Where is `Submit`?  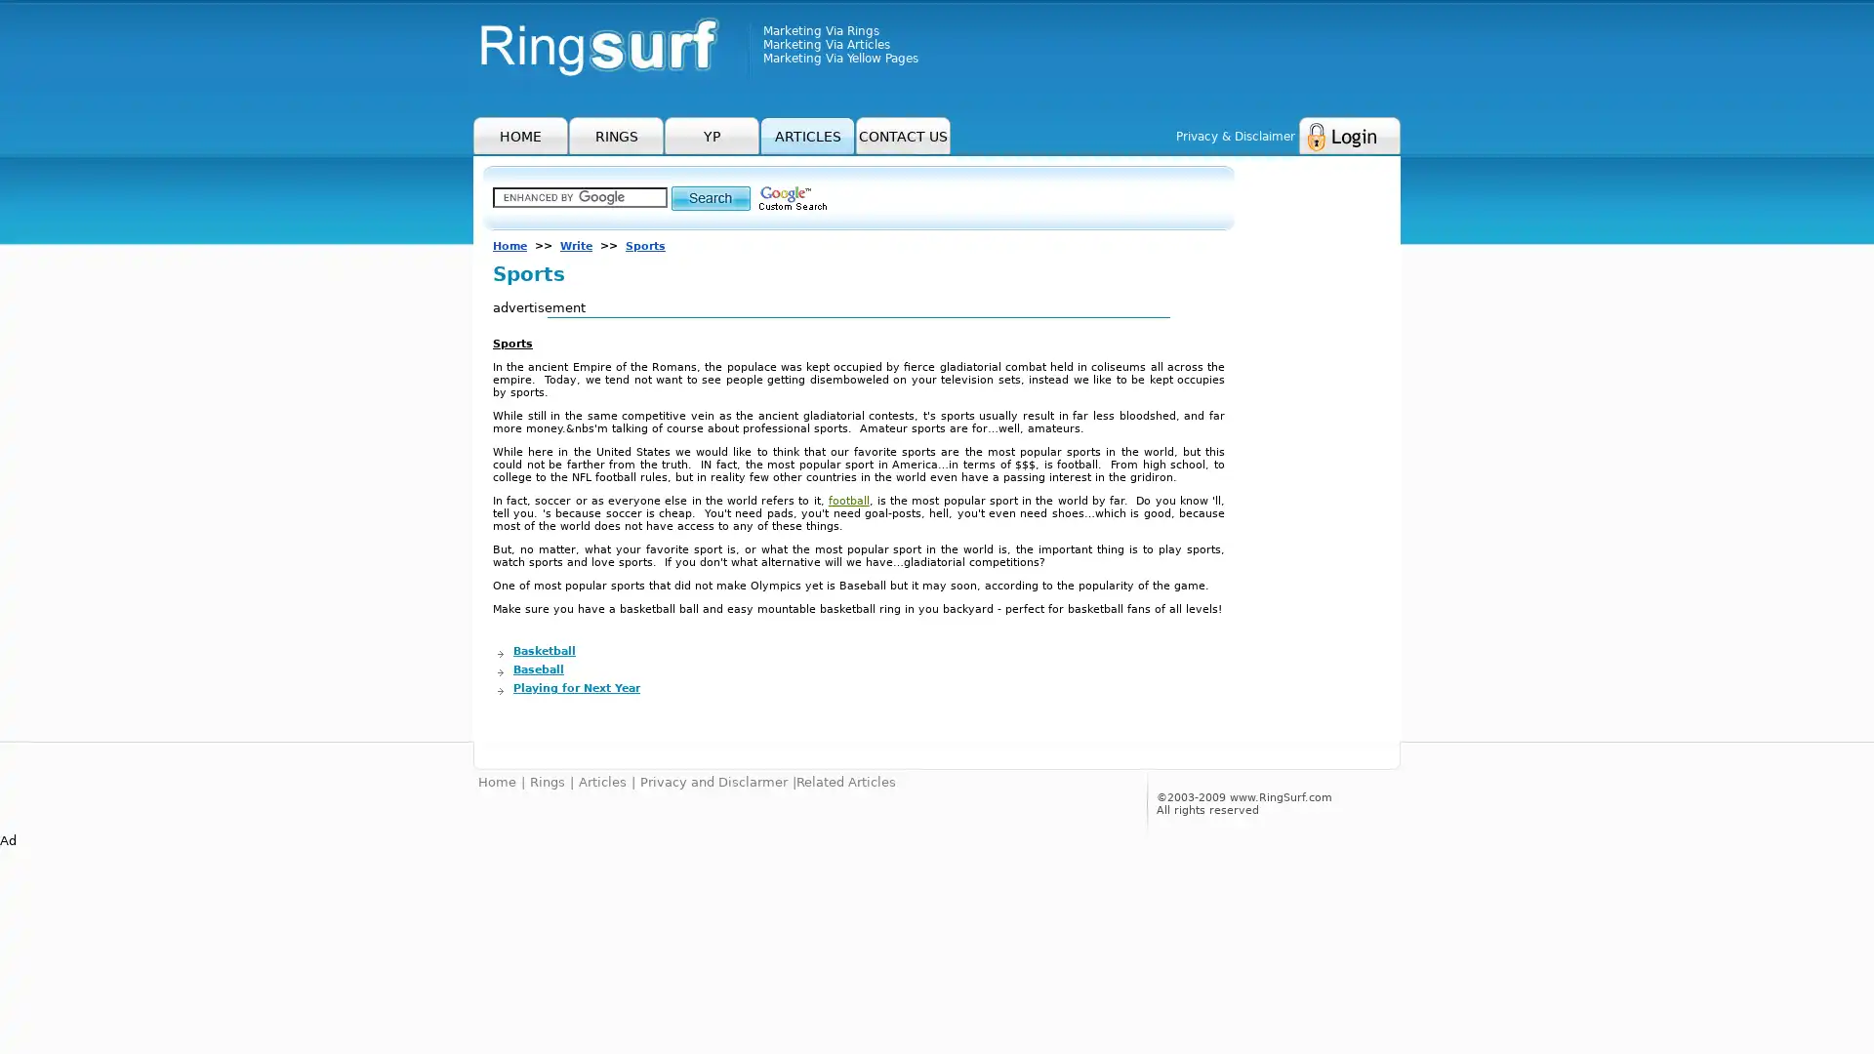
Submit is located at coordinates (710, 197).